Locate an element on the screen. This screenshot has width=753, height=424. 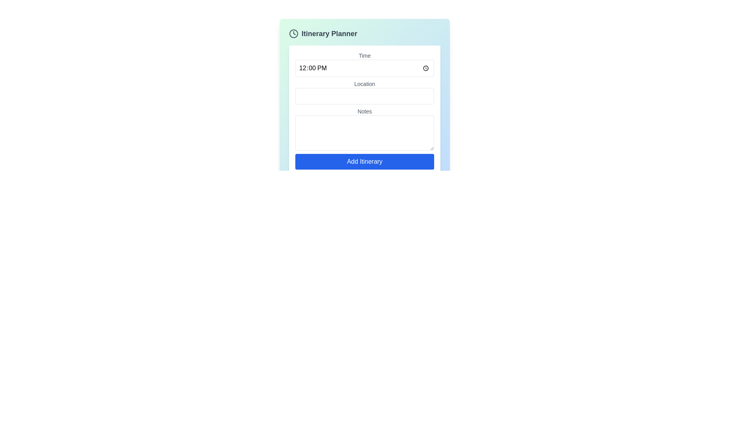
the circular shape within the SVG graphic representing the clock face, which is located in the top-left part of the interface adjacent to the title 'Itinerary Planner' is located at coordinates (293, 33).